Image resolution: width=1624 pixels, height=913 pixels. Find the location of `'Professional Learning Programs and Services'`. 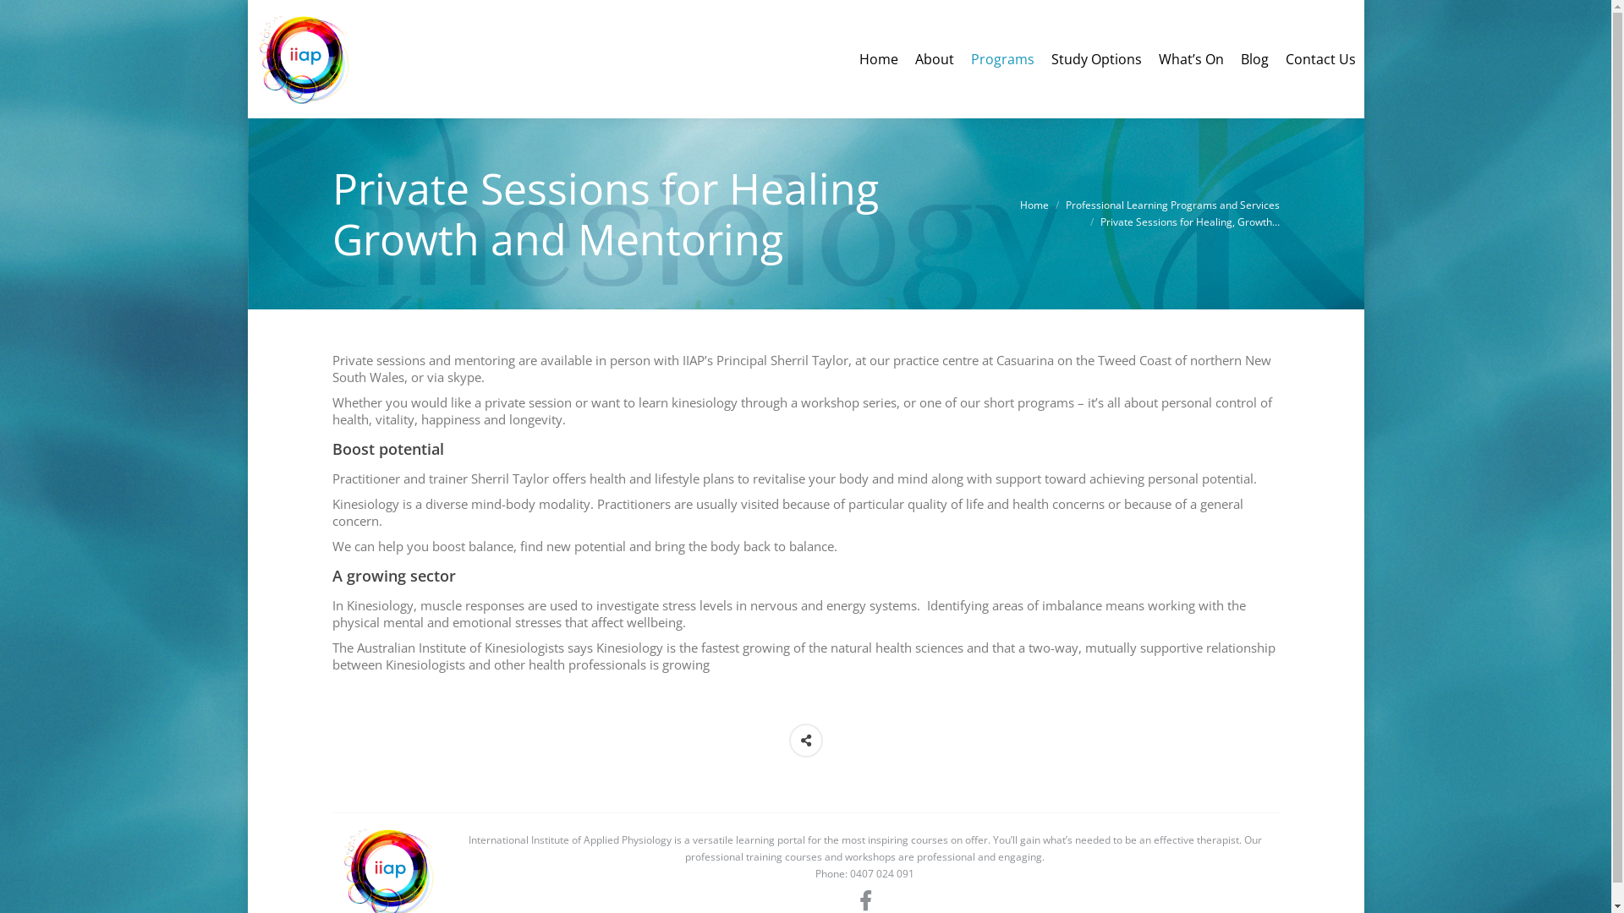

'Professional Learning Programs and Services' is located at coordinates (1171, 204).